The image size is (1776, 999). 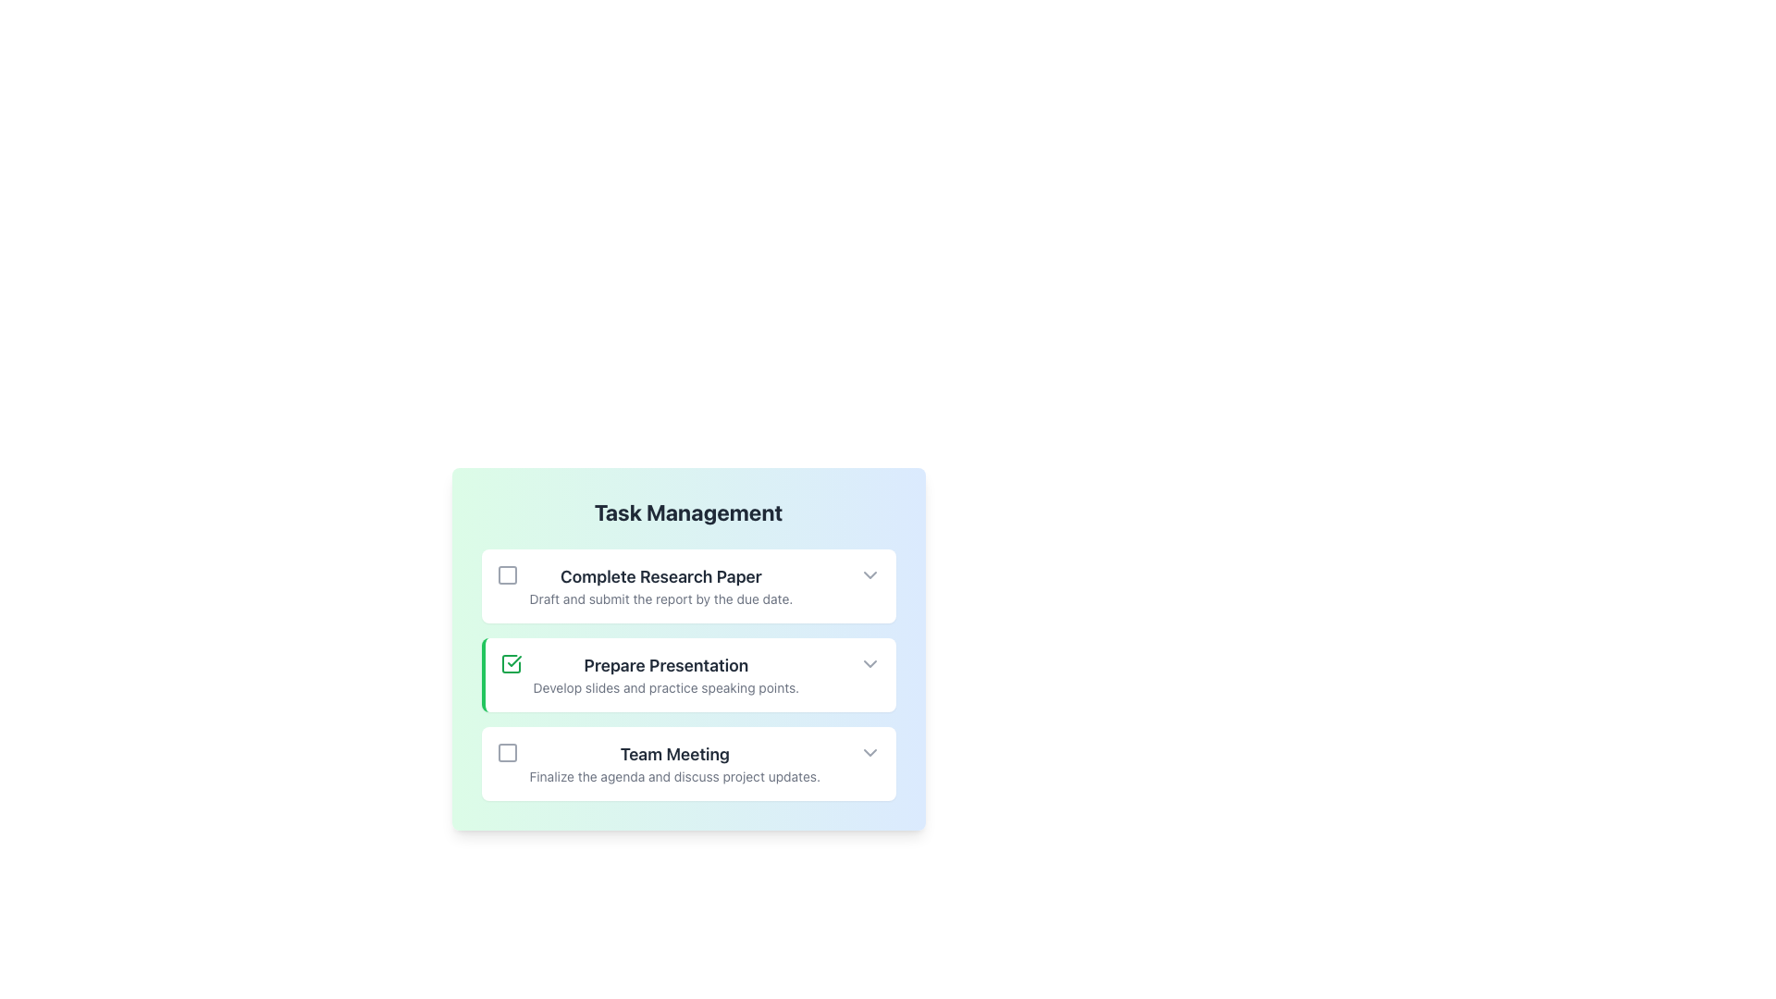 I want to click on the non-interactive descriptive text located beneath the title 'Complete Research Paper' in the 'Task Management' interface, so click(x=661, y=599).